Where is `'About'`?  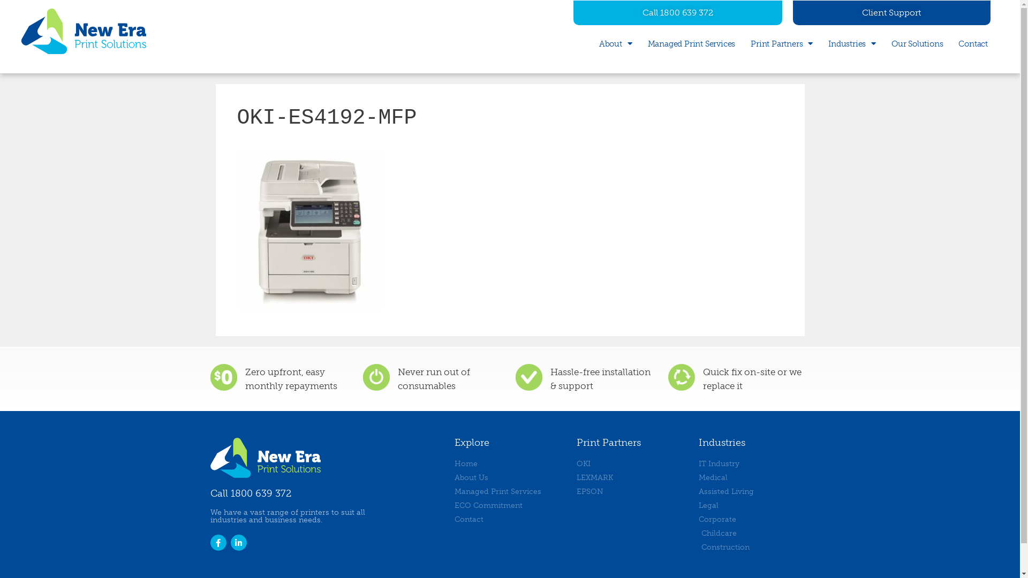 'About' is located at coordinates (616, 43).